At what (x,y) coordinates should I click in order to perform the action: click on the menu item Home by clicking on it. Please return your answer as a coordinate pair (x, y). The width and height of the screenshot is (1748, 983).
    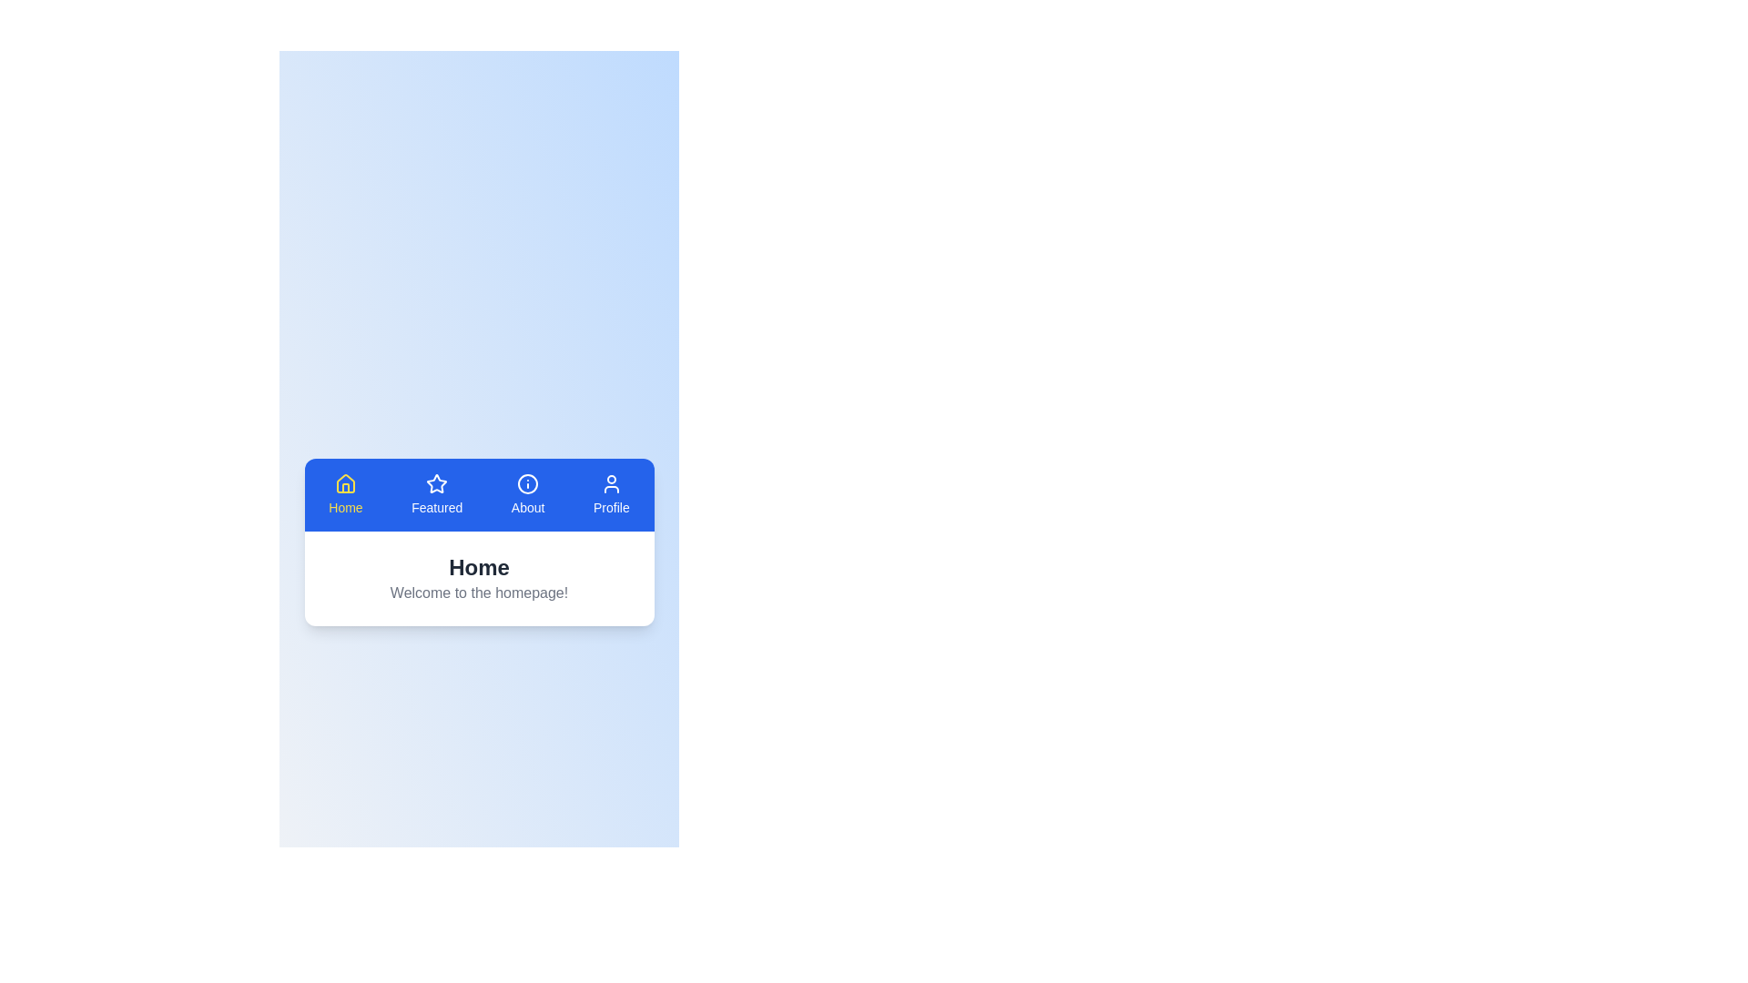
    Looking at the image, I should click on (345, 494).